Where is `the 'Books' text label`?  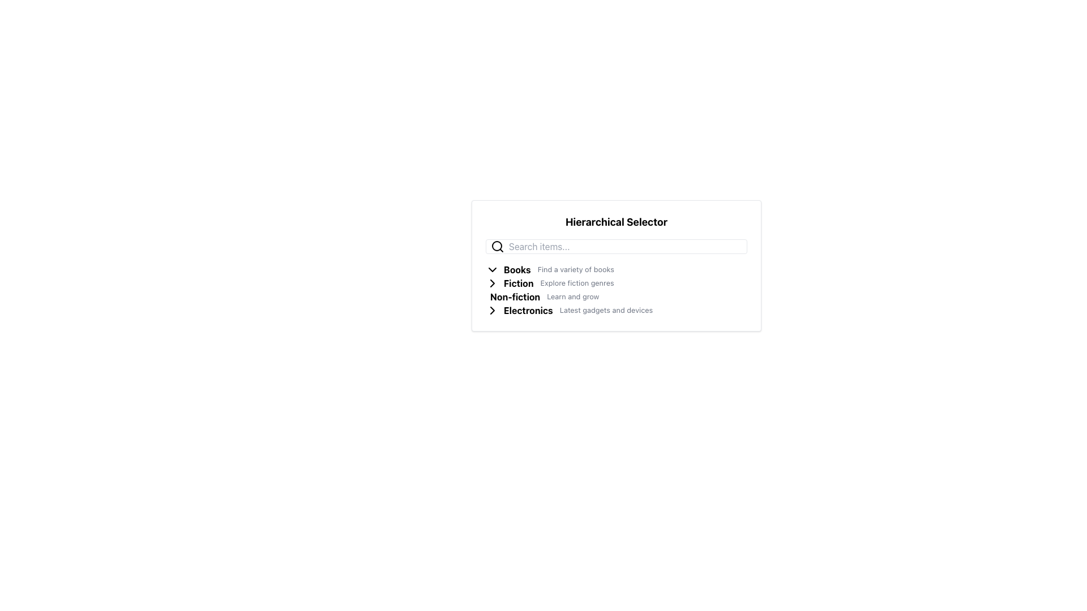
the 'Books' text label is located at coordinates (516, 270).